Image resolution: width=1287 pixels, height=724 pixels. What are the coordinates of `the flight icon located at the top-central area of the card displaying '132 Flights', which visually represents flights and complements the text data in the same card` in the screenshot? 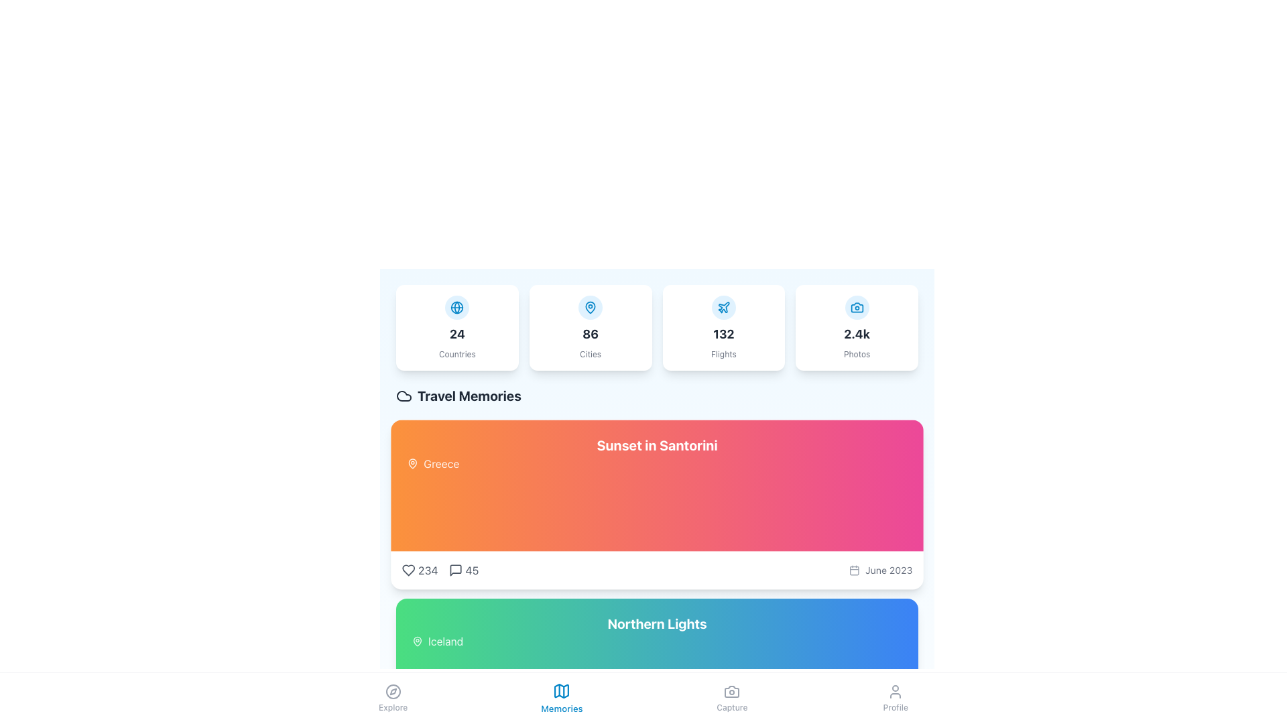 It's located at (723, 308).